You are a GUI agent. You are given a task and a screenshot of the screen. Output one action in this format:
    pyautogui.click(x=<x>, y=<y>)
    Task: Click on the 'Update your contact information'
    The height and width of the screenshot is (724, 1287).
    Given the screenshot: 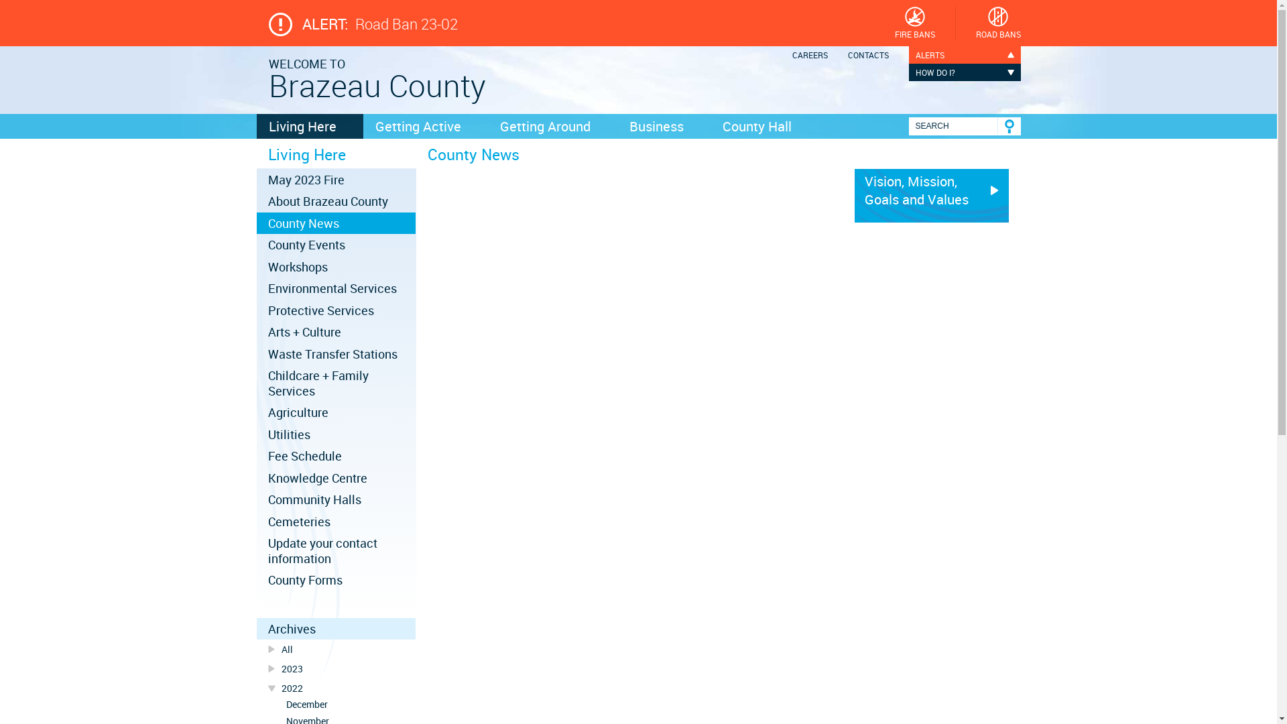 What is the action you would take?
    pyautogui.click(x=335, y=550)
    